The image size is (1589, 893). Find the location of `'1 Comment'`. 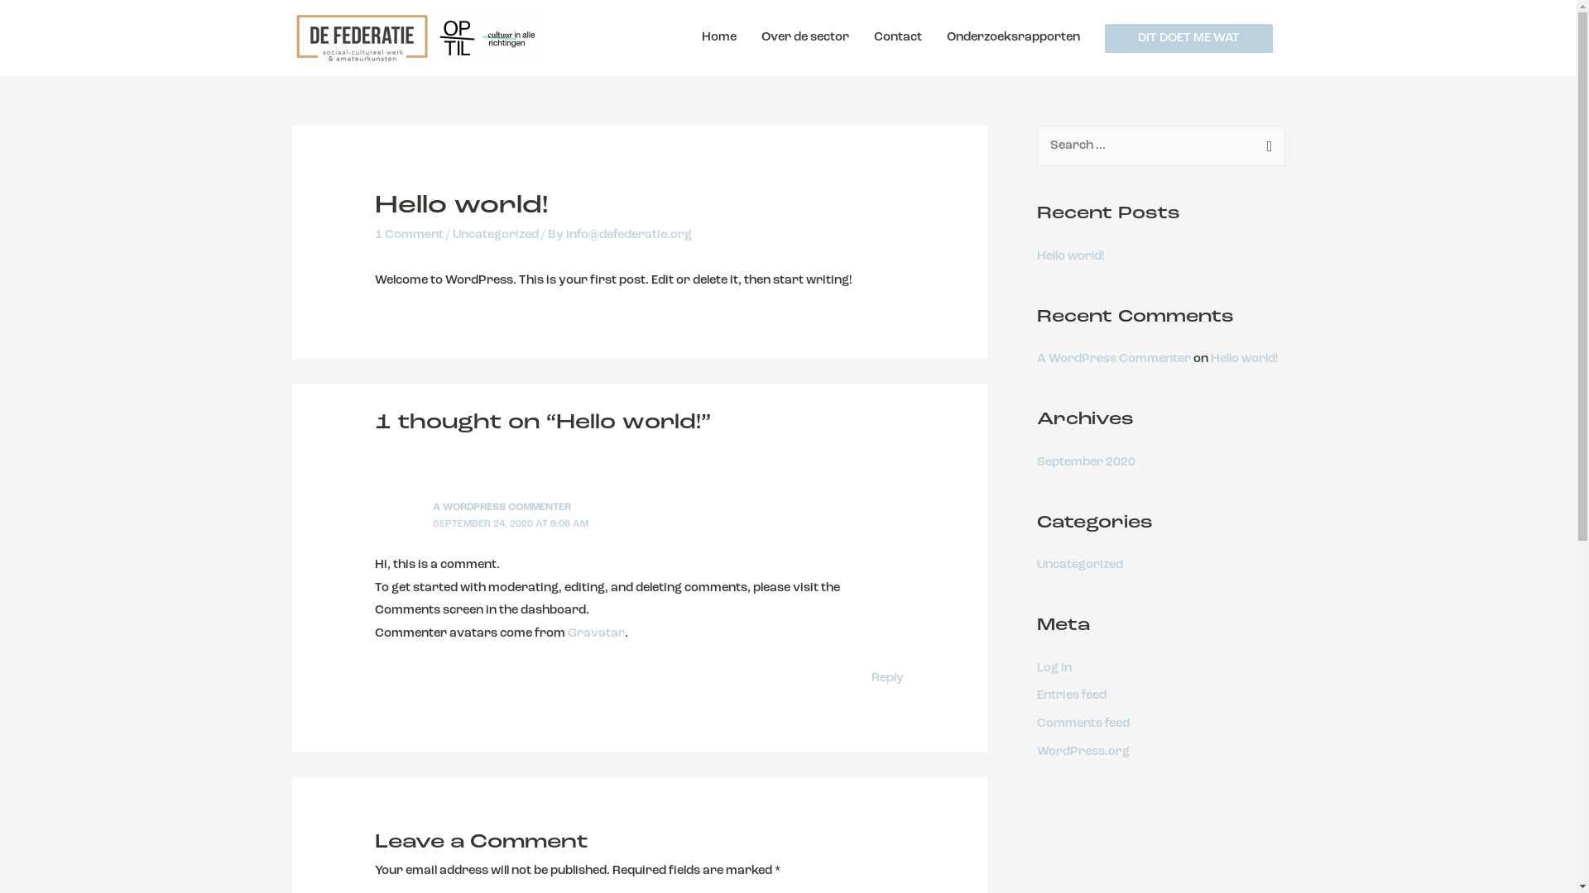

'1 Comment' is located at coordinates (409, 235).